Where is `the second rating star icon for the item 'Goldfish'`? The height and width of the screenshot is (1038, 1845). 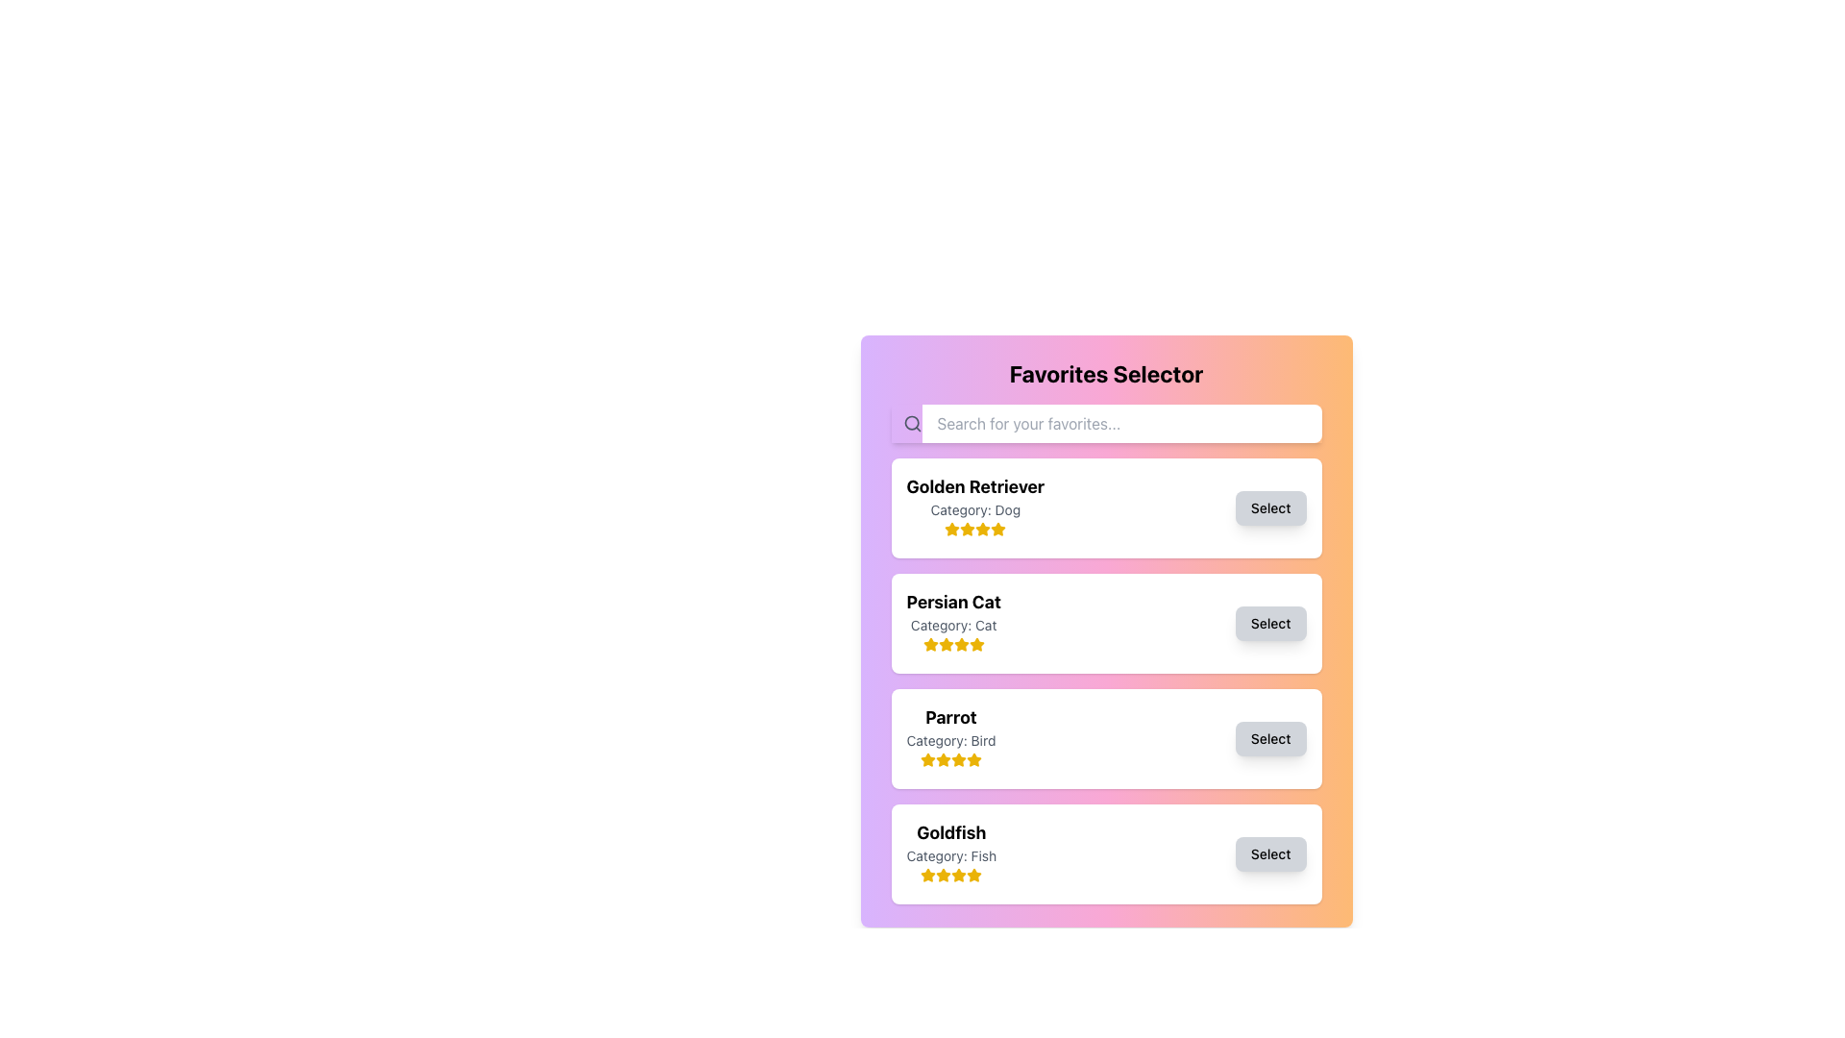
the second rating star icon for the item 'Goldfish' is located at coordinates (959, 875).